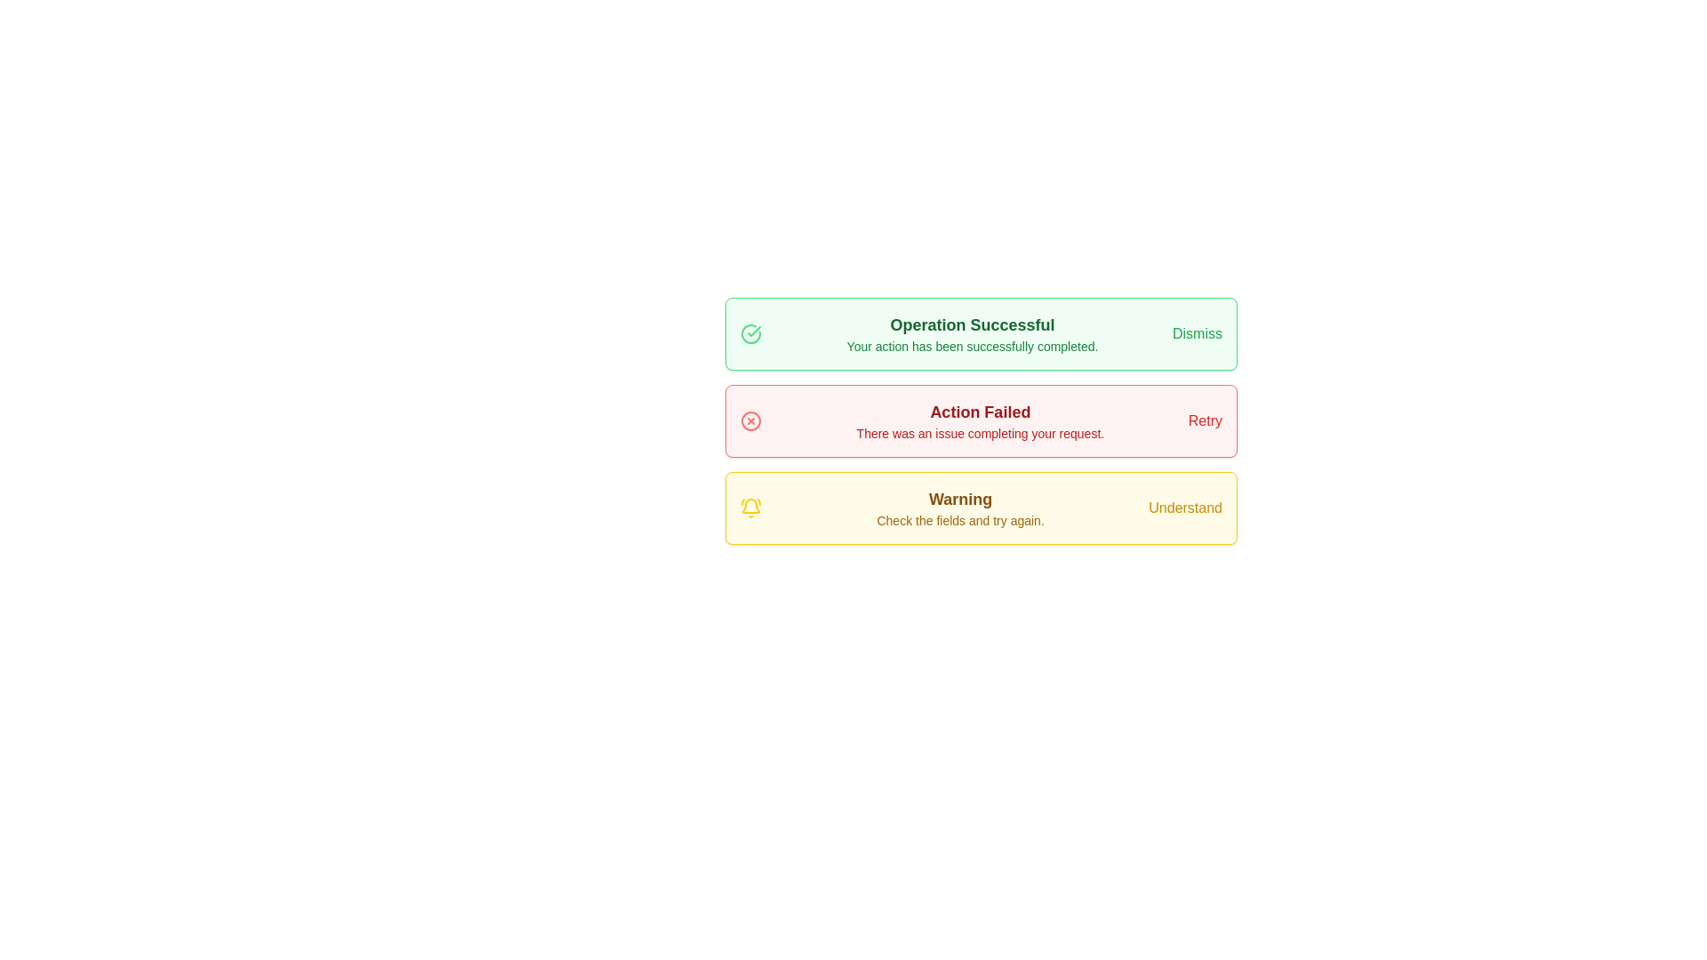  I want to click on status message displayed in the green banner that indicates 'Operation Successful' and provides feedback on the completed action, so click(972, 333).